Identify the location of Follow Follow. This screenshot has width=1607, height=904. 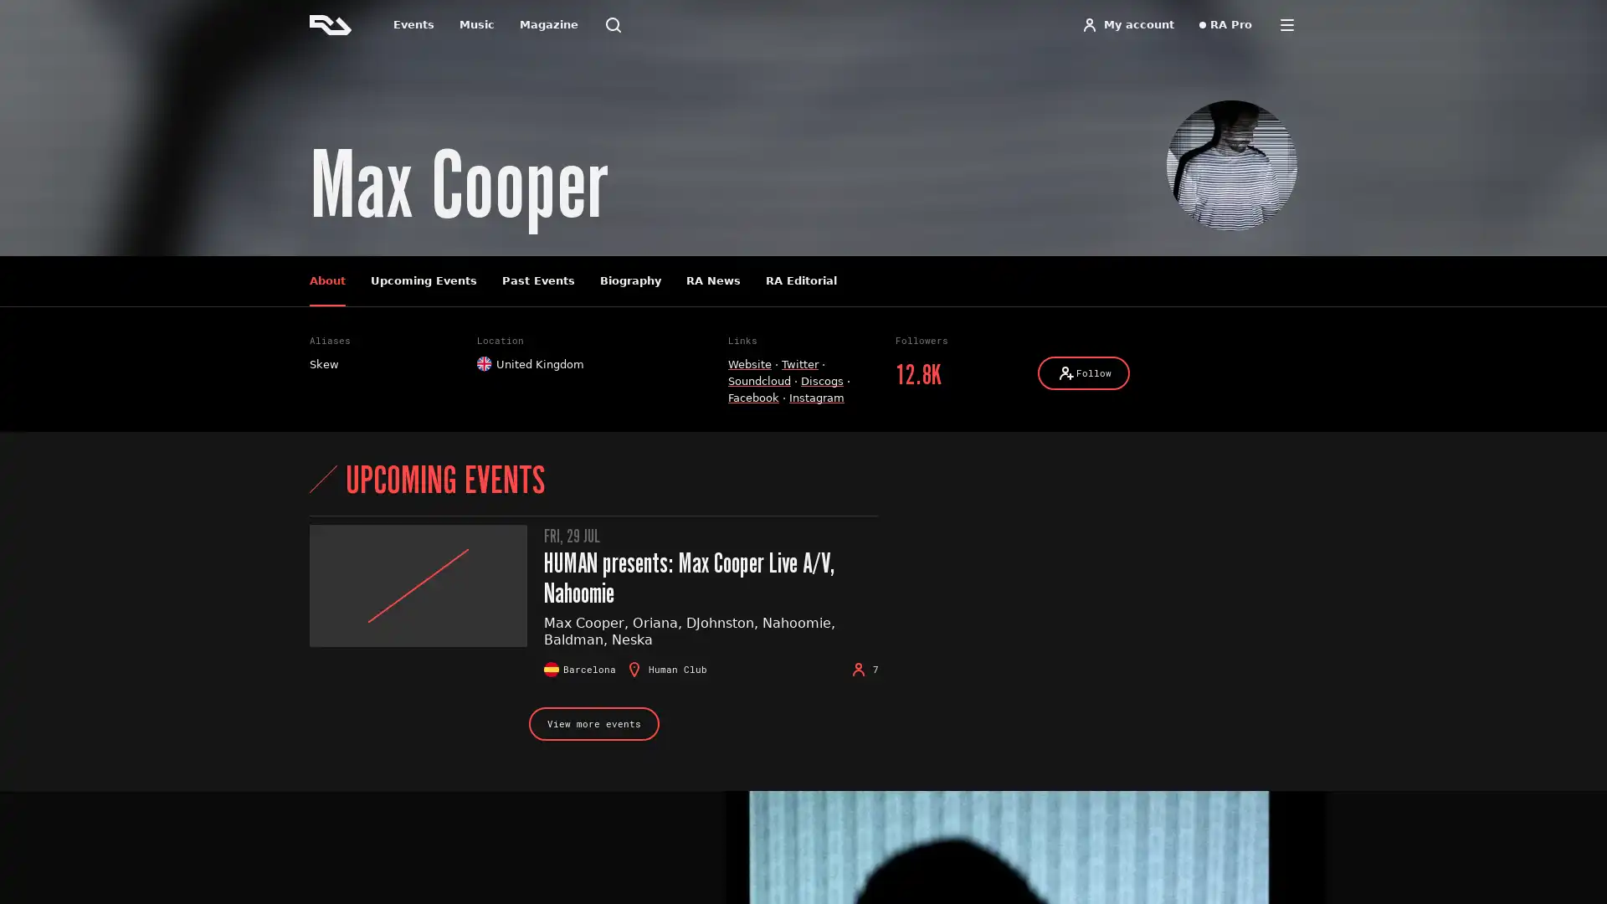
(1084, 371).